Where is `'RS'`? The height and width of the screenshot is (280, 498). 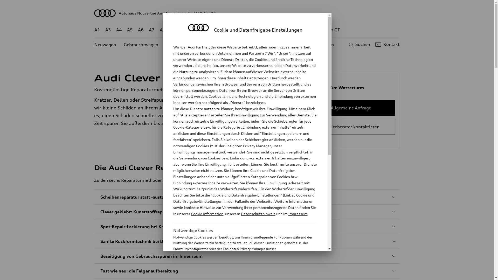 'RS' is located at coordinates (294, 30).